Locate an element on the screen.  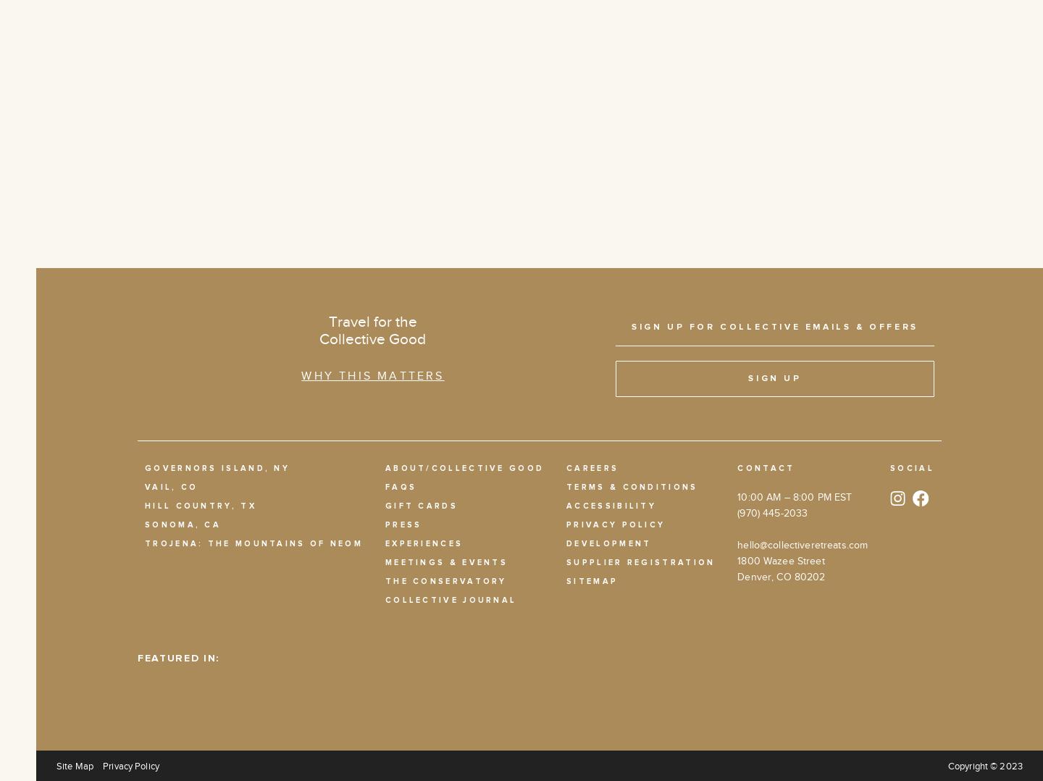
'Press' is located at coordinates (403, 523).